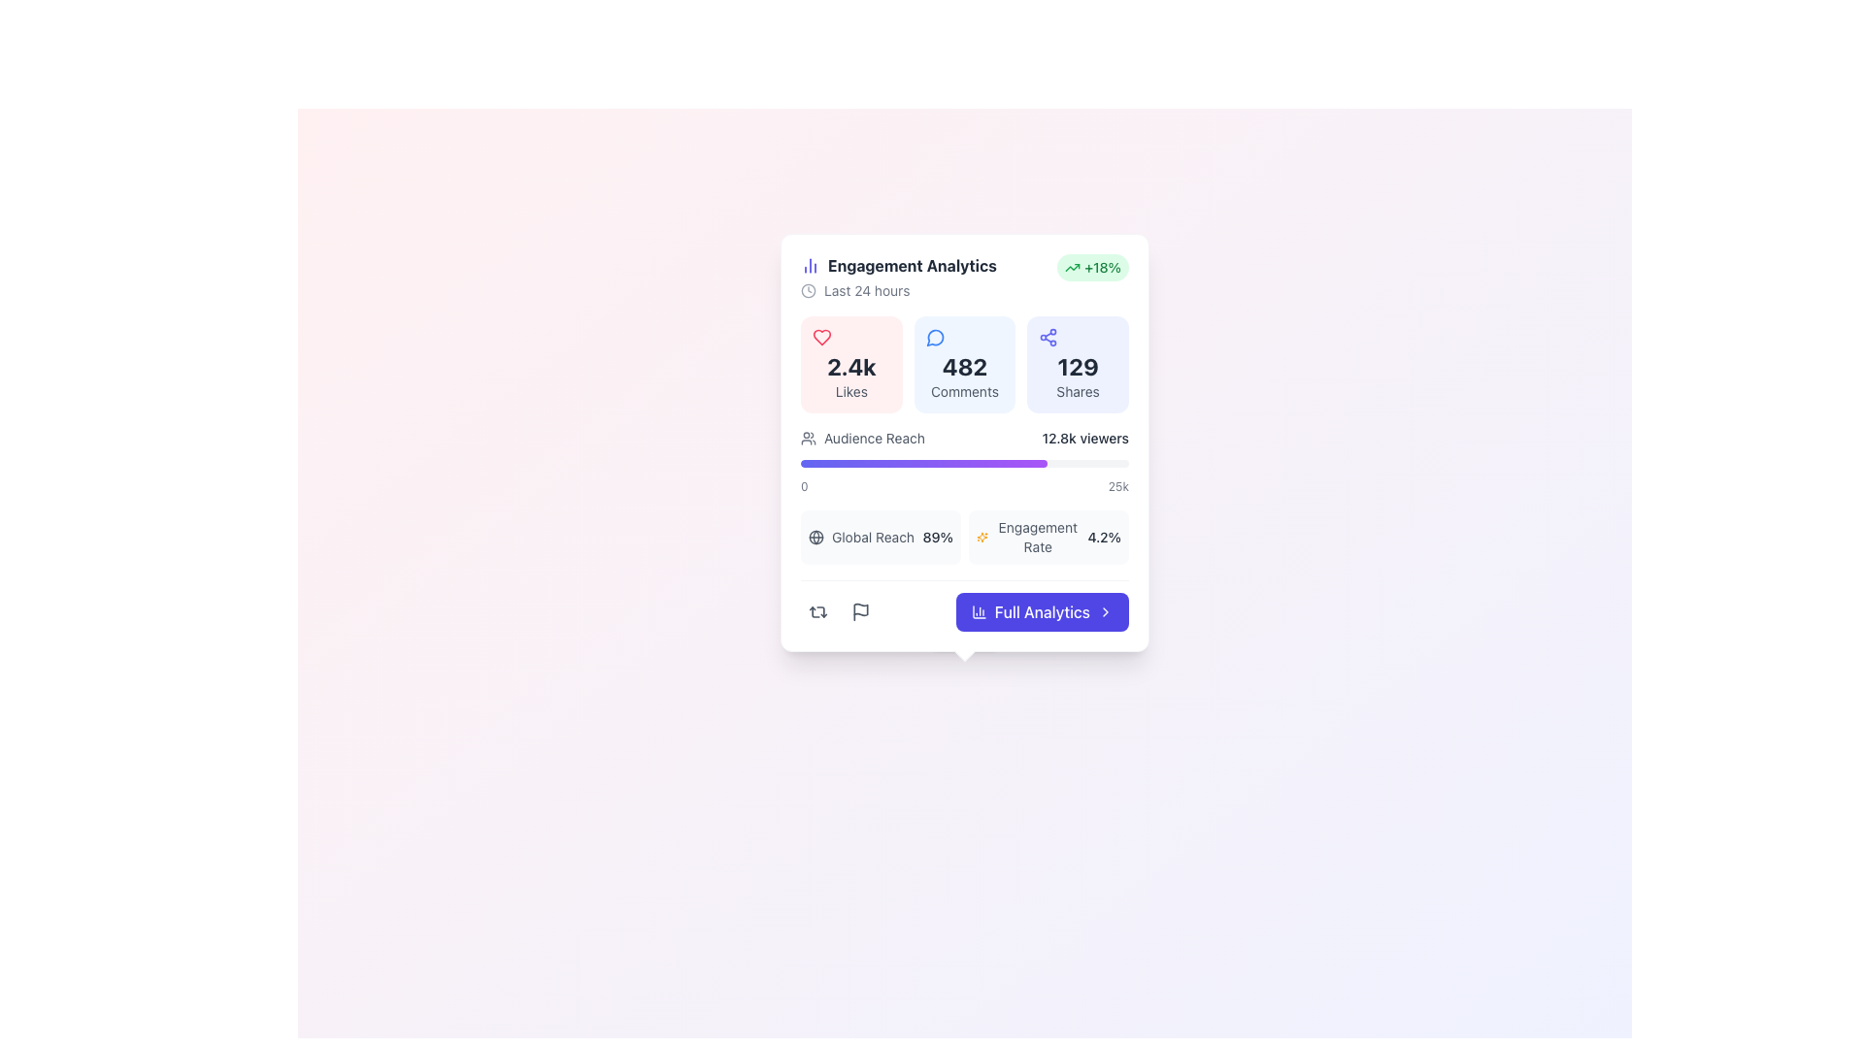  I want to click on the growth indicator icon located in the top-right corner of the 'Engagement Analytics' panel, which displays the '+18%' text, so click(1072, 268).